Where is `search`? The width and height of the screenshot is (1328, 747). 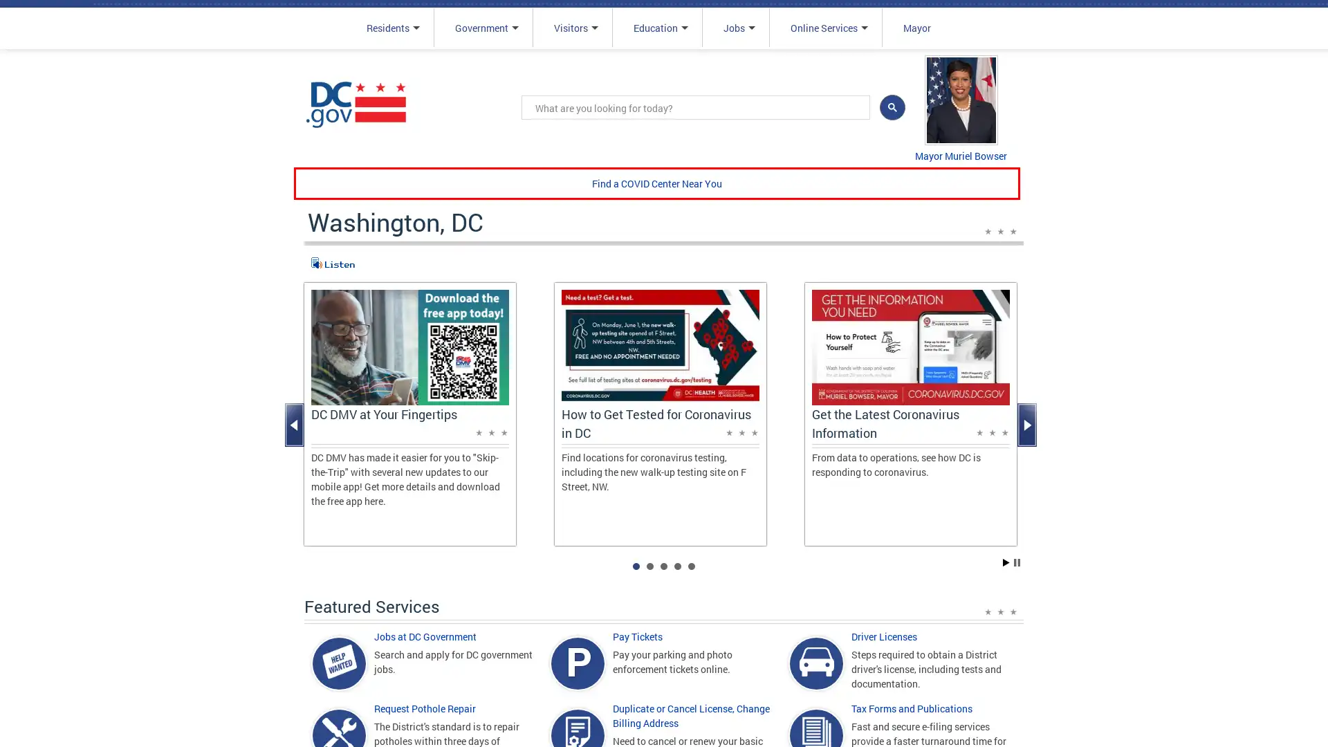
search is located at coordinates (892, 107).